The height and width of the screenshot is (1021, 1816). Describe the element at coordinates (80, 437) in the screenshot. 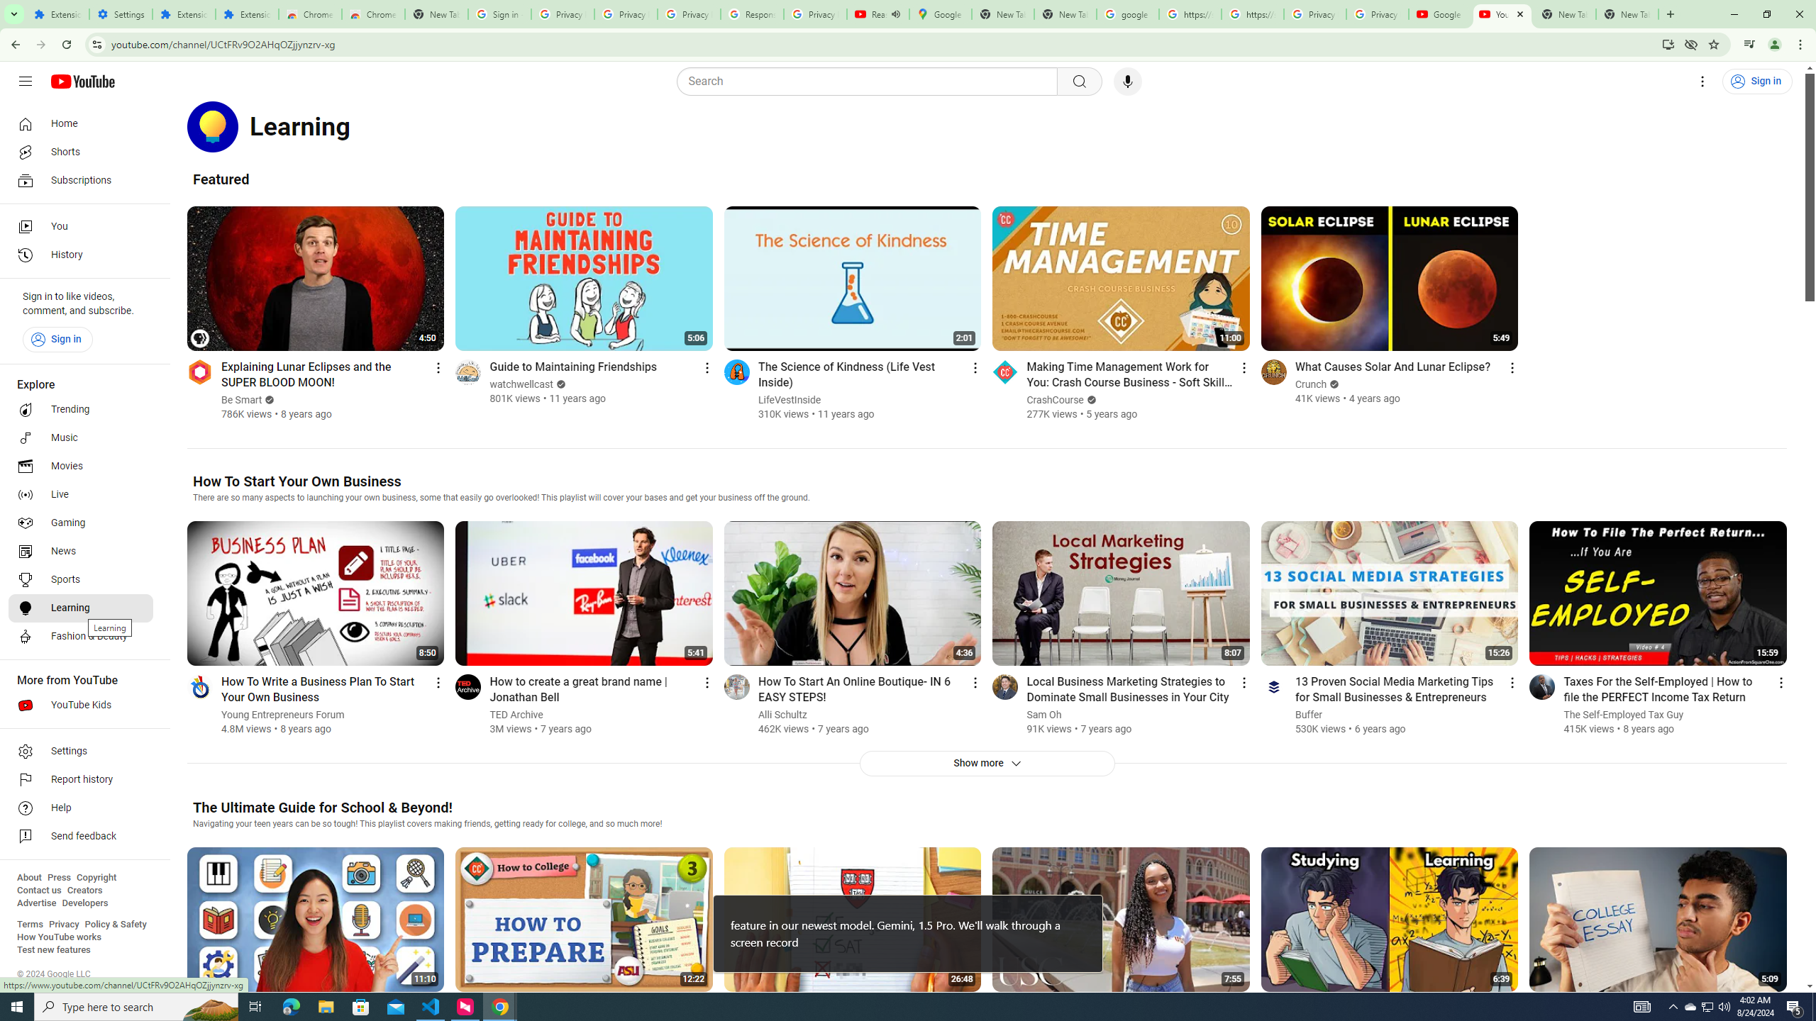

I see `'Music'` at that location.